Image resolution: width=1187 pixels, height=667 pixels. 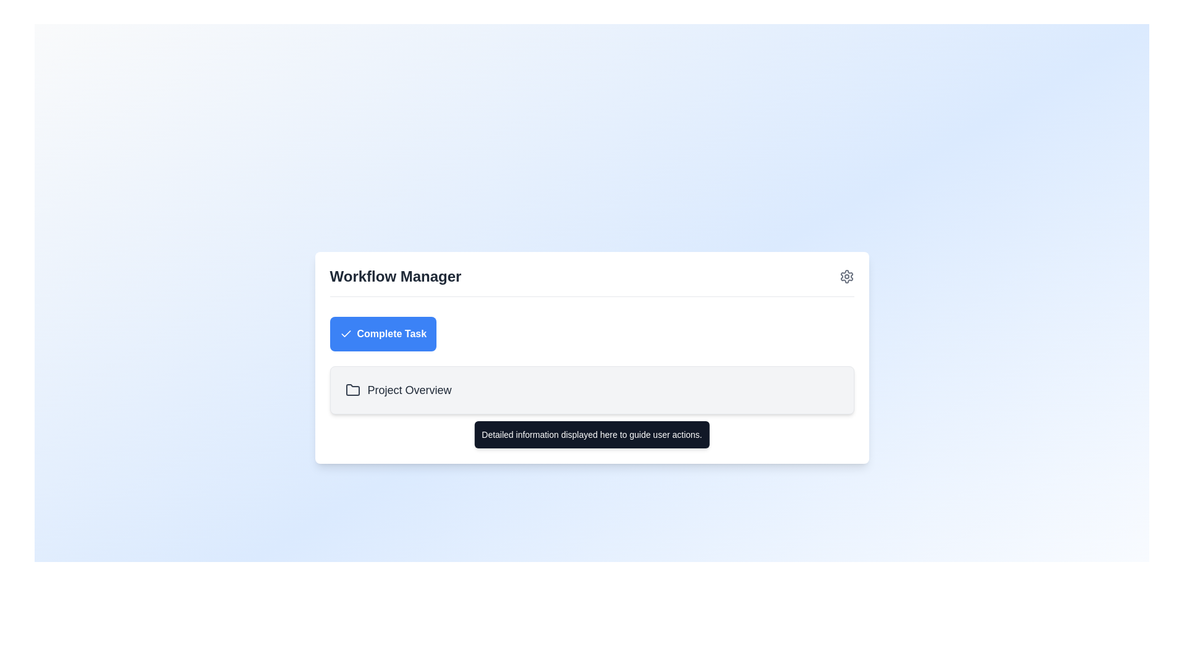 I want to click on the folder icon located next to the 'Project Overview' text, which is a minimalist outline-based design in a grayish tone, so click(x=352, y=390).